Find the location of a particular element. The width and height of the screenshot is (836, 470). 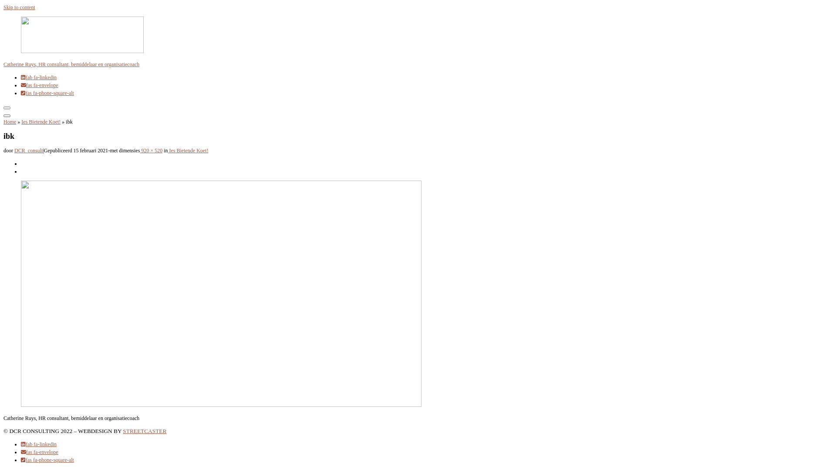

'Skip to content' is located at coordinates (3, 7).